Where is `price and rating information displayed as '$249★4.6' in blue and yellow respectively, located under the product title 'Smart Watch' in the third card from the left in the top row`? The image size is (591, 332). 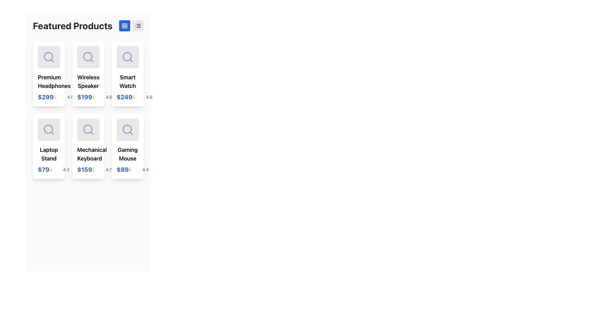 price and rating information displayed as '$249★4.6' in blue and yellow respectively, located under the product title 'Smart Watch' in the third card from the left in the top row is located at coordinates (127, 97).